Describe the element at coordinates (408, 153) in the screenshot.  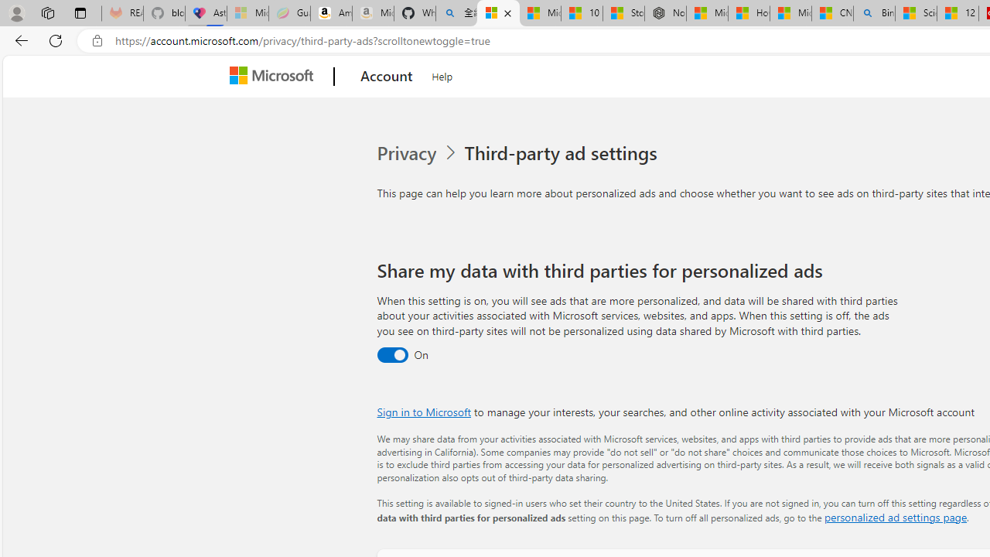
I see `'Privacy'` at that location.